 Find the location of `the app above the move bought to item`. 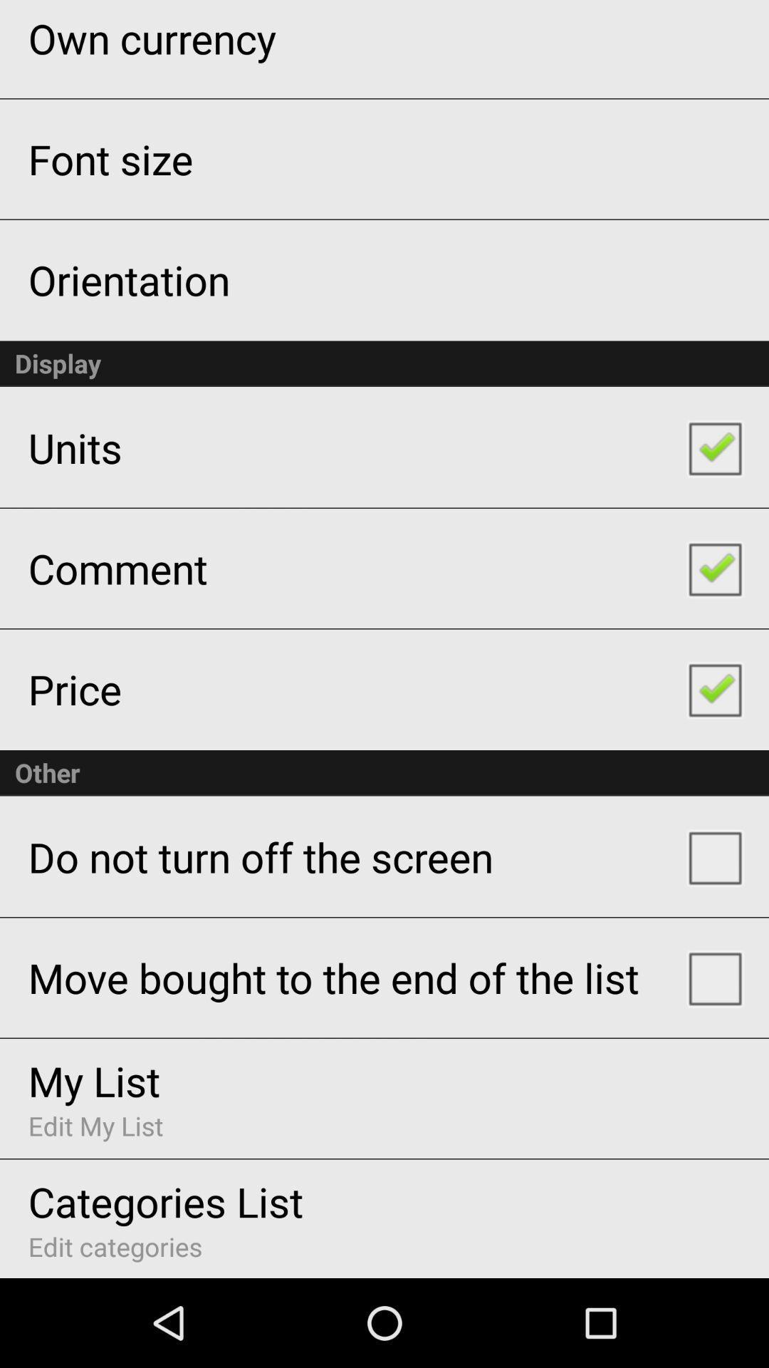

the app above the move bought to item is located at coordinates (261, 856).